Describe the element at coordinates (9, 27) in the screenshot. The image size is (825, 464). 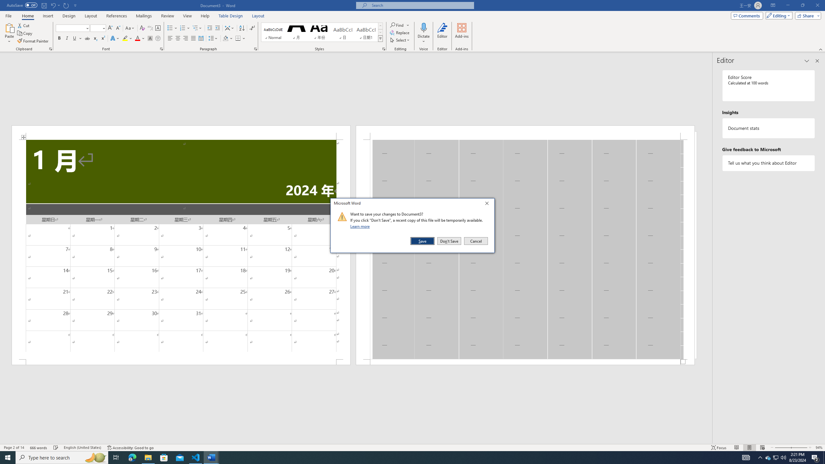
I see `'Paste'` at that location.